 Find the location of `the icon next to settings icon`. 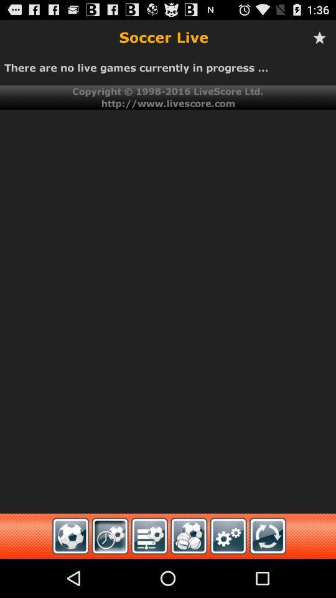

the icon next to settings icon is located at coordinates (267, 535).